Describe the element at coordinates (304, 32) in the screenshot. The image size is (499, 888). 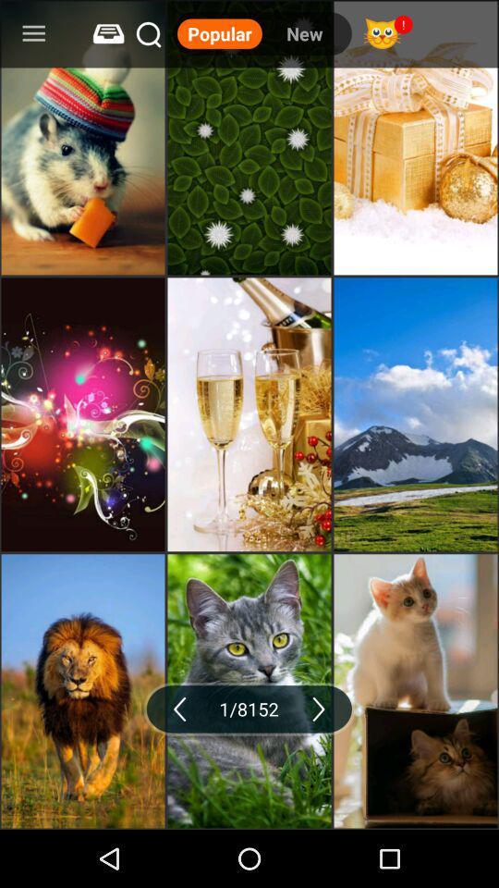
I see `the new item` at that location.